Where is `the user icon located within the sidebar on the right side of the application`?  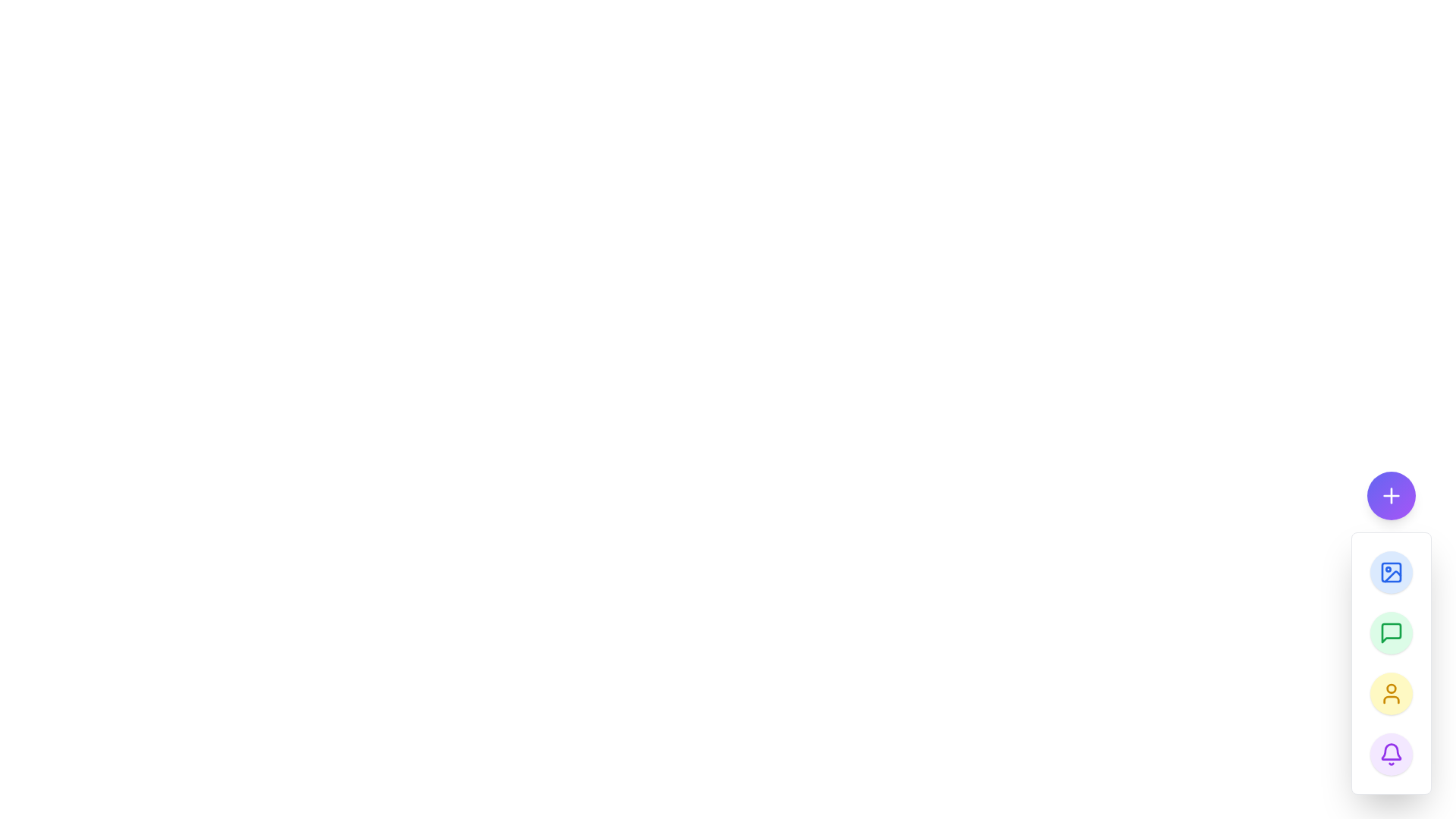 the user icon located within the sidebar on the right side of the application is located at coordinates (1391, 693).